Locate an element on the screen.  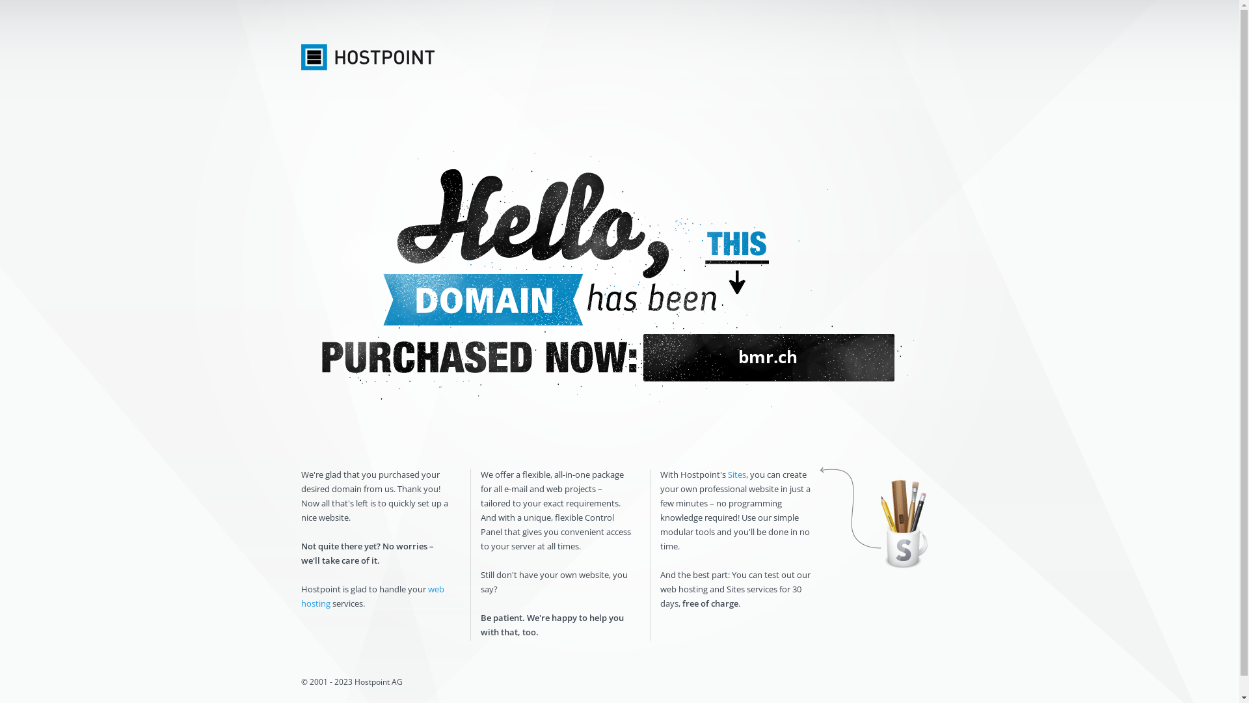
'Sites' is located at coordinates (736, 475).